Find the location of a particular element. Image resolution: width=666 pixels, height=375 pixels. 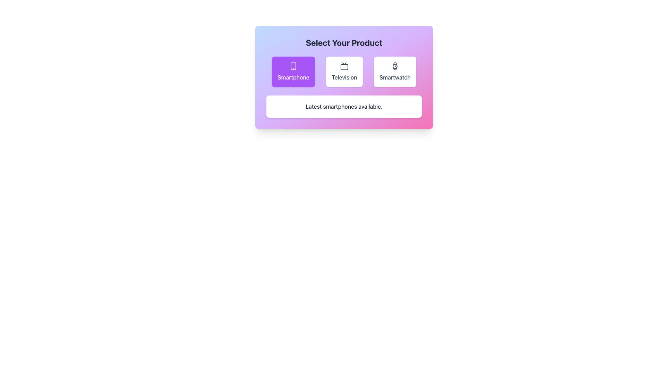

the descriptive label for the 'Television' product selection option, which is positioned beneath the TV icon in the center of the product selection card is located at coordinates (344, 77).